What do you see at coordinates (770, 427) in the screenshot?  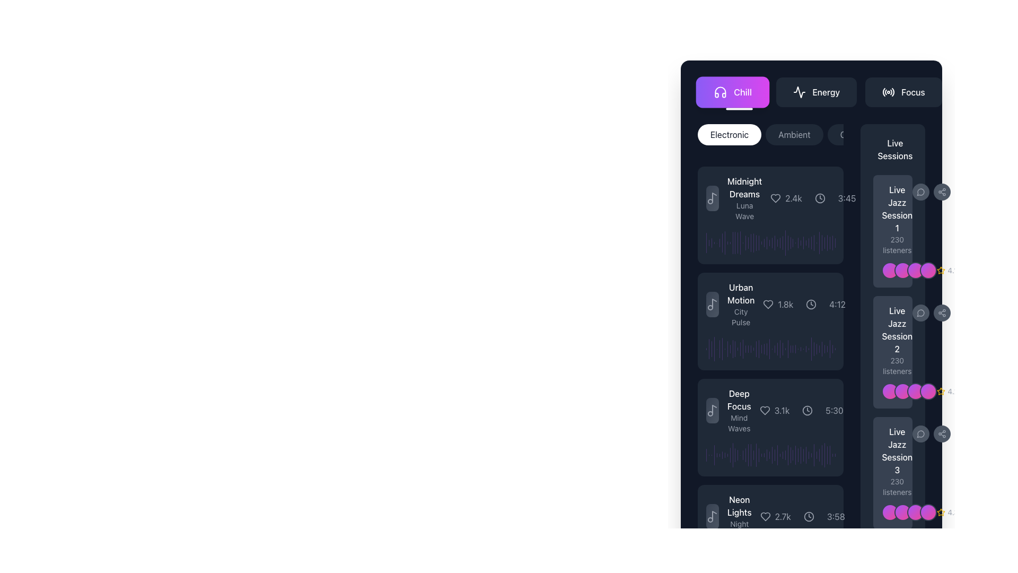 I see `the music card titled 'Deep Focus'` at bounding box center [770, 427].